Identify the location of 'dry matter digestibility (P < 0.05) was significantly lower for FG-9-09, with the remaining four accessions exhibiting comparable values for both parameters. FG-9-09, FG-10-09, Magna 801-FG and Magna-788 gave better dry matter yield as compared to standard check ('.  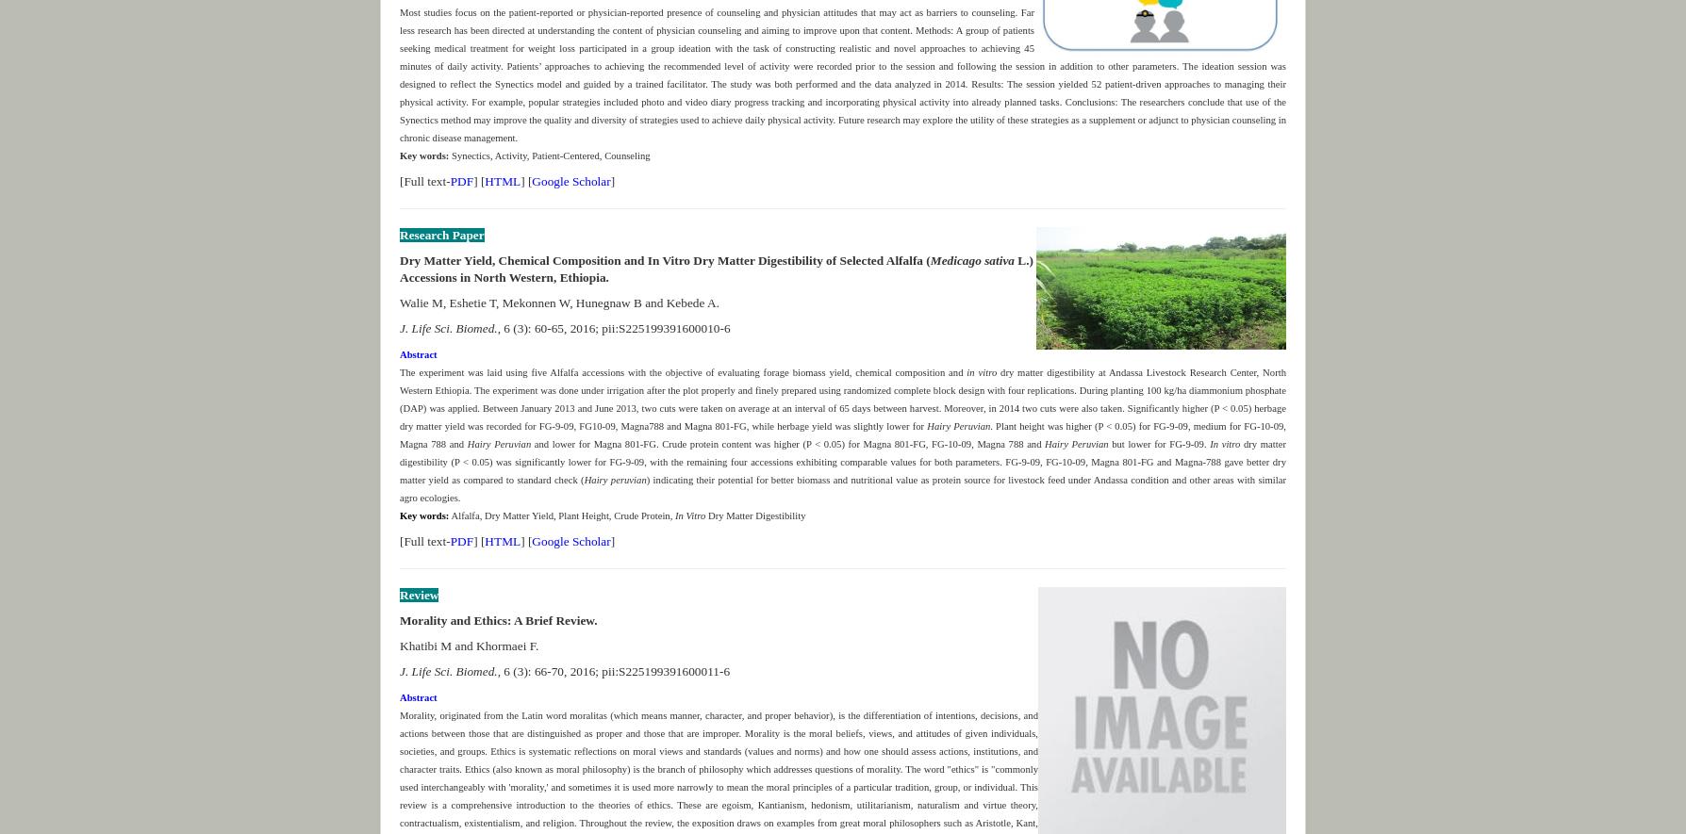
(843, 461).